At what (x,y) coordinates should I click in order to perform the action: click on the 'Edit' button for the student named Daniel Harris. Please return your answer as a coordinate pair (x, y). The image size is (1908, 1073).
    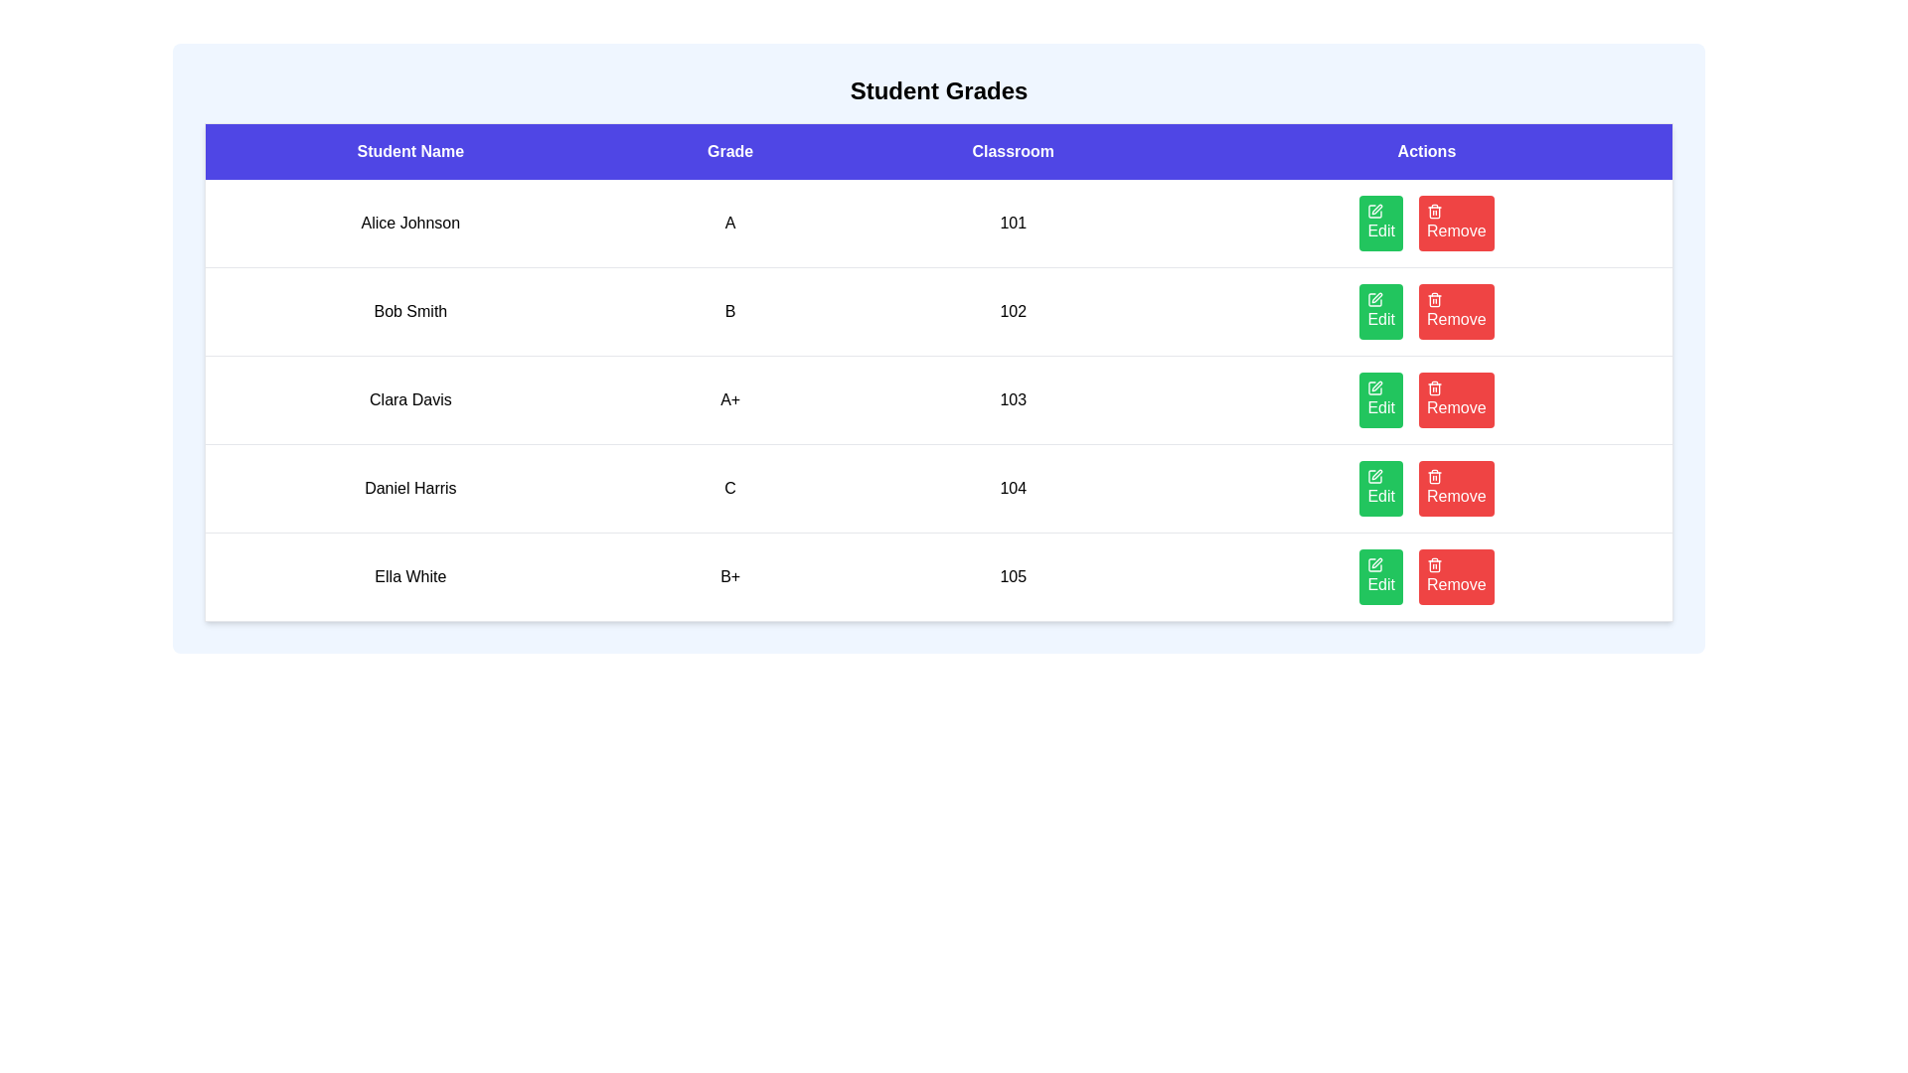
    Looking at the image, I should click on (1380, 489).